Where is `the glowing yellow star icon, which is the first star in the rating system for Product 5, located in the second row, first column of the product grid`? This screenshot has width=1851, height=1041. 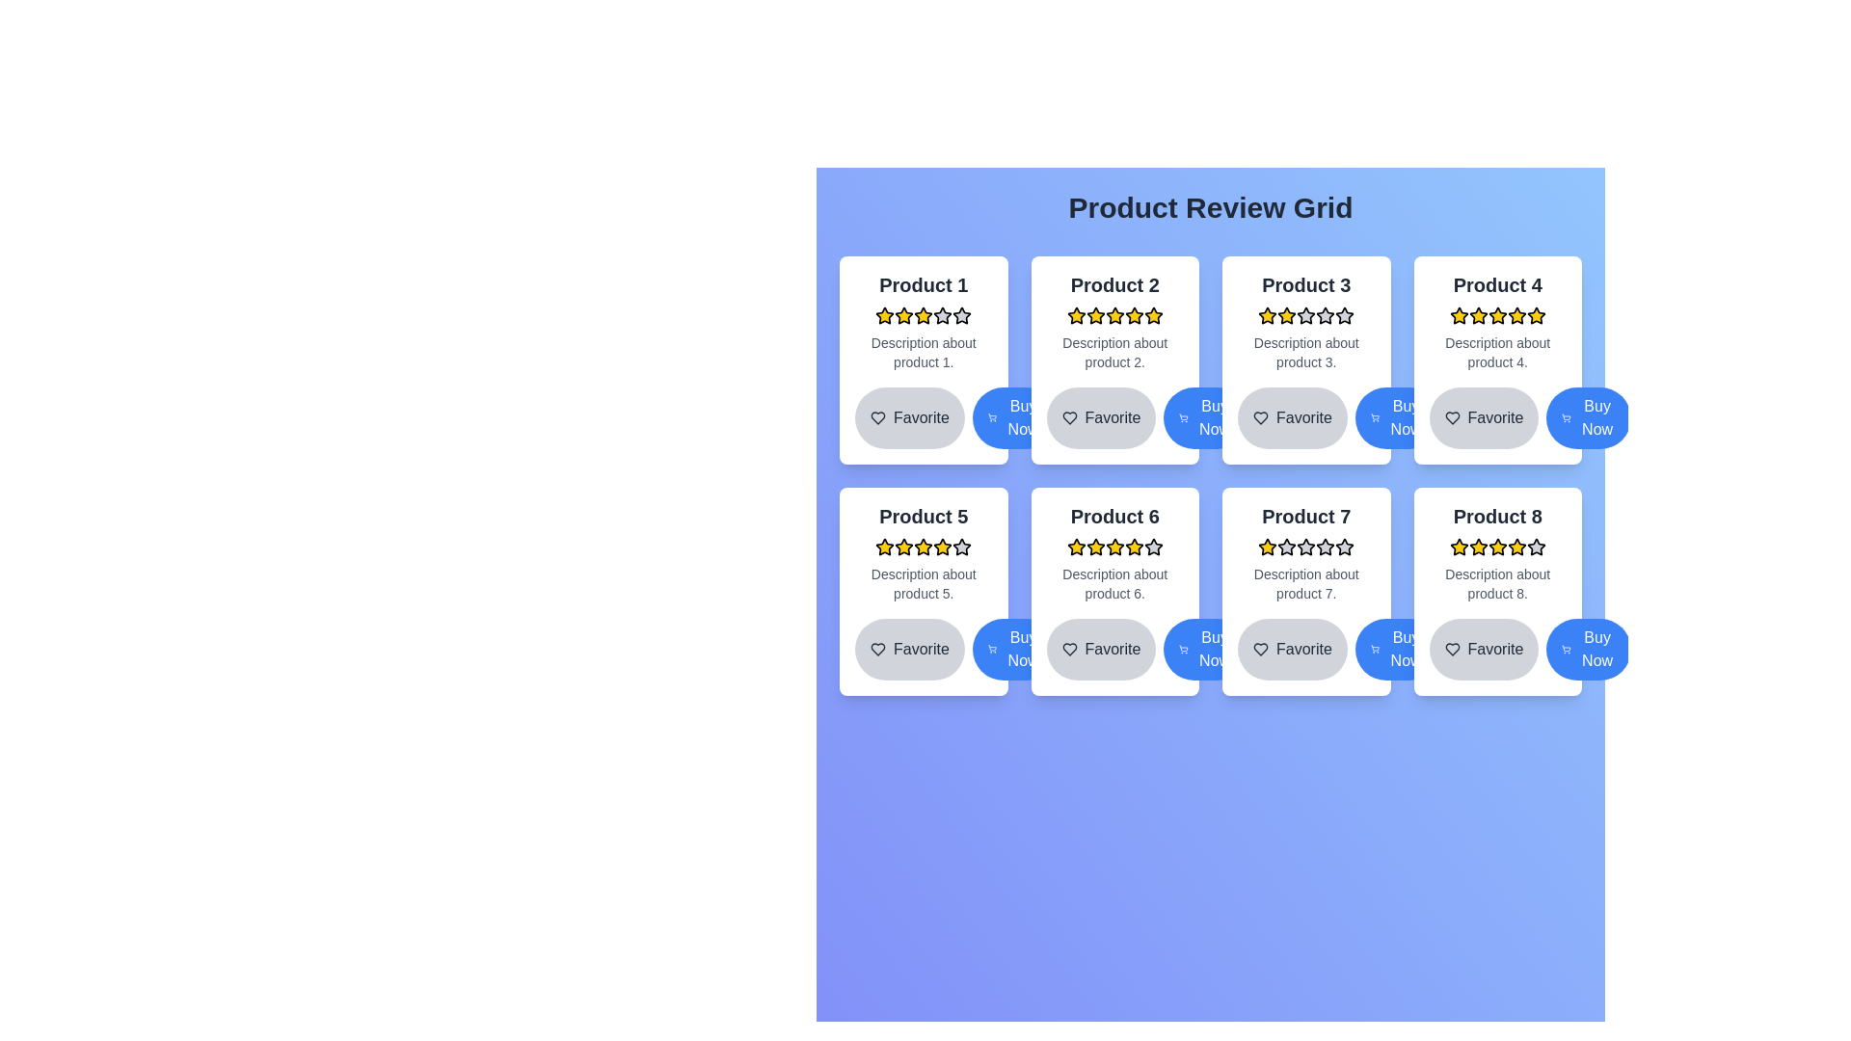
the glowing yellow star icon, which is the first star in the rating system for Product 5, located in the second row, first column of the product grid is located at coordinates (884, 547).